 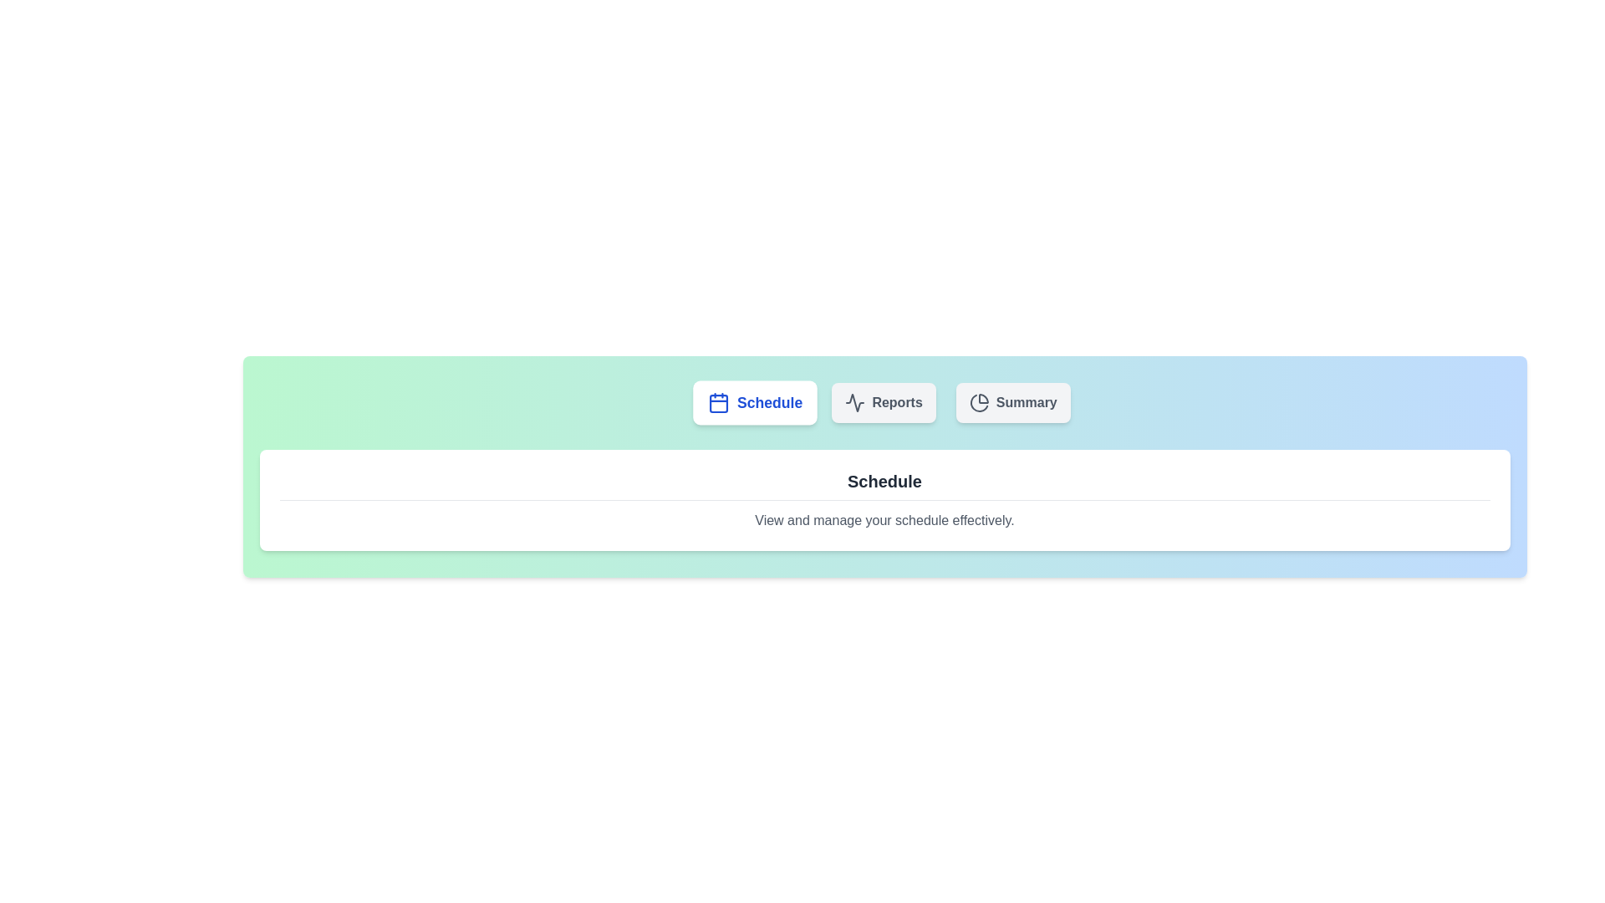 What do you see at coordinates (883, 403) in the screenshot?
I see `the tab labeled Reports to switch views` at bounding box center [883, 403].